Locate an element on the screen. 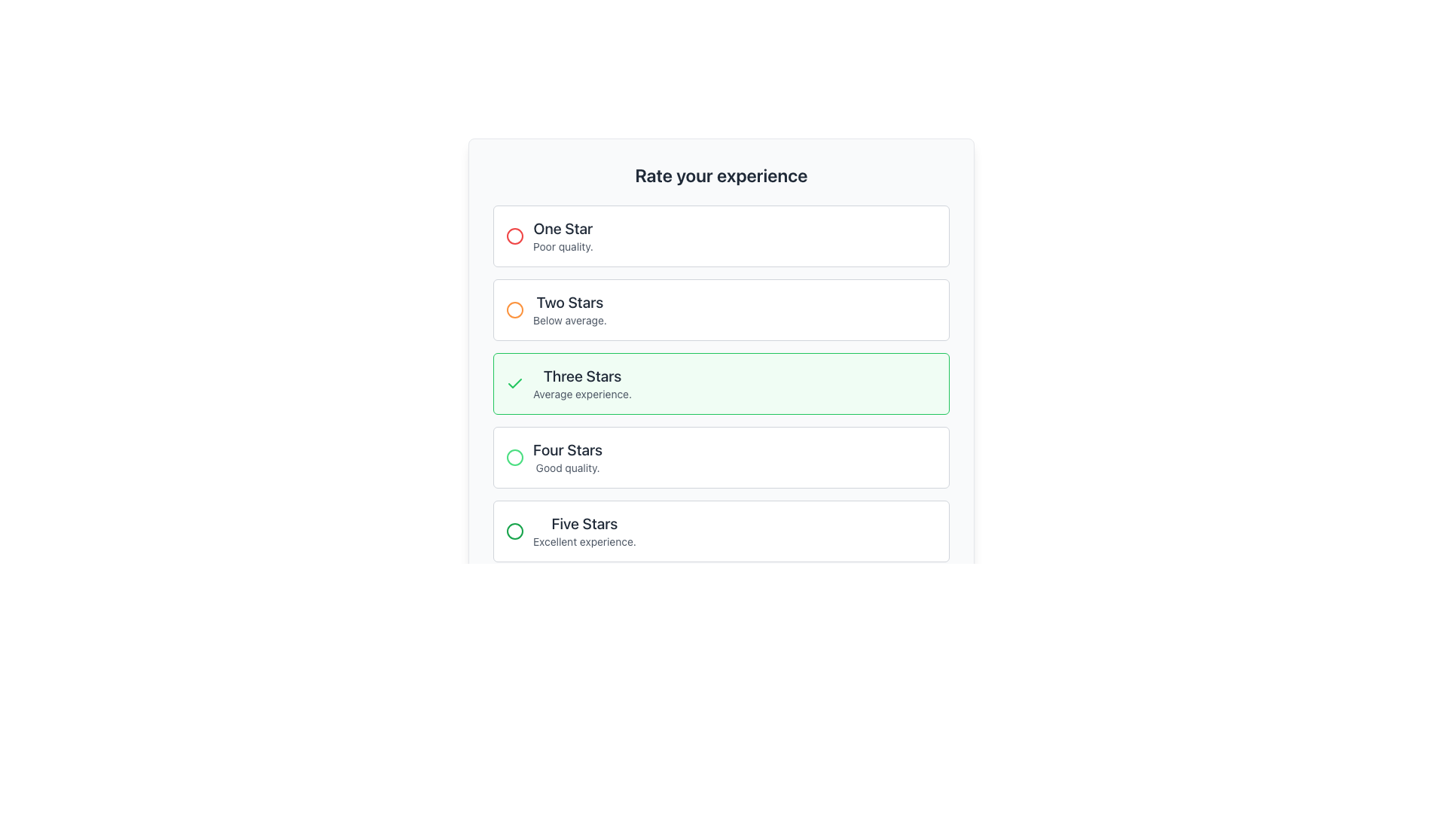 The width and height of the screenshot is (1446, 813). the circular icon with a green border representing 'Four Stars' in the 'Rate your experience' list is located at coordinates (515, 457).